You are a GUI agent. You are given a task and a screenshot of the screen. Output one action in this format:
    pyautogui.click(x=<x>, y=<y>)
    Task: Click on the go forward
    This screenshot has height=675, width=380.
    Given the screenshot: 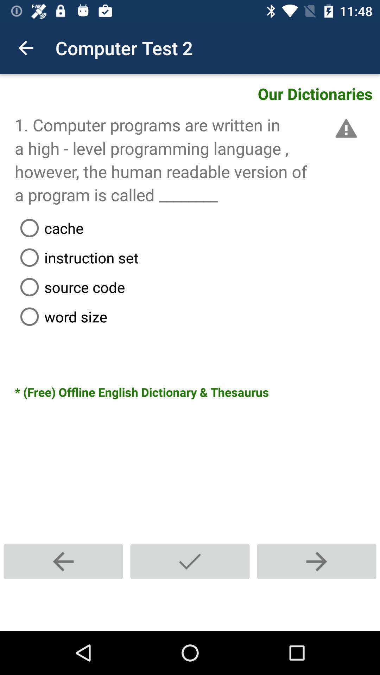 What is the action you would take?
    pyautogui.click(x=316, y=561)
    